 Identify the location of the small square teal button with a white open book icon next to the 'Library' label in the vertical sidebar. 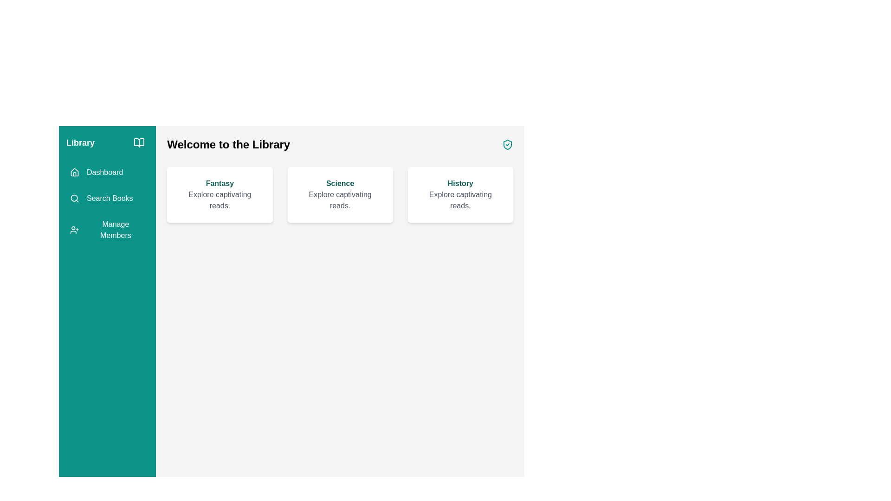
(139, 143).